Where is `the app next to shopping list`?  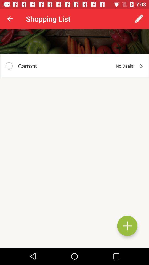
the app next to shopping list is located at coordinates (139, 19).